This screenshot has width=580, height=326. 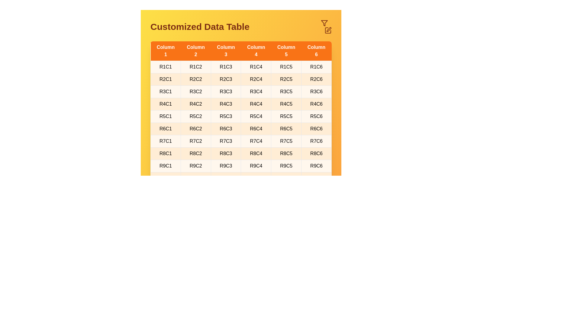 What do you see at coordinates (324, 23) in the screenshot?
I see `the filter icon in the header to open the filter options` at bounding box center [324, 23].